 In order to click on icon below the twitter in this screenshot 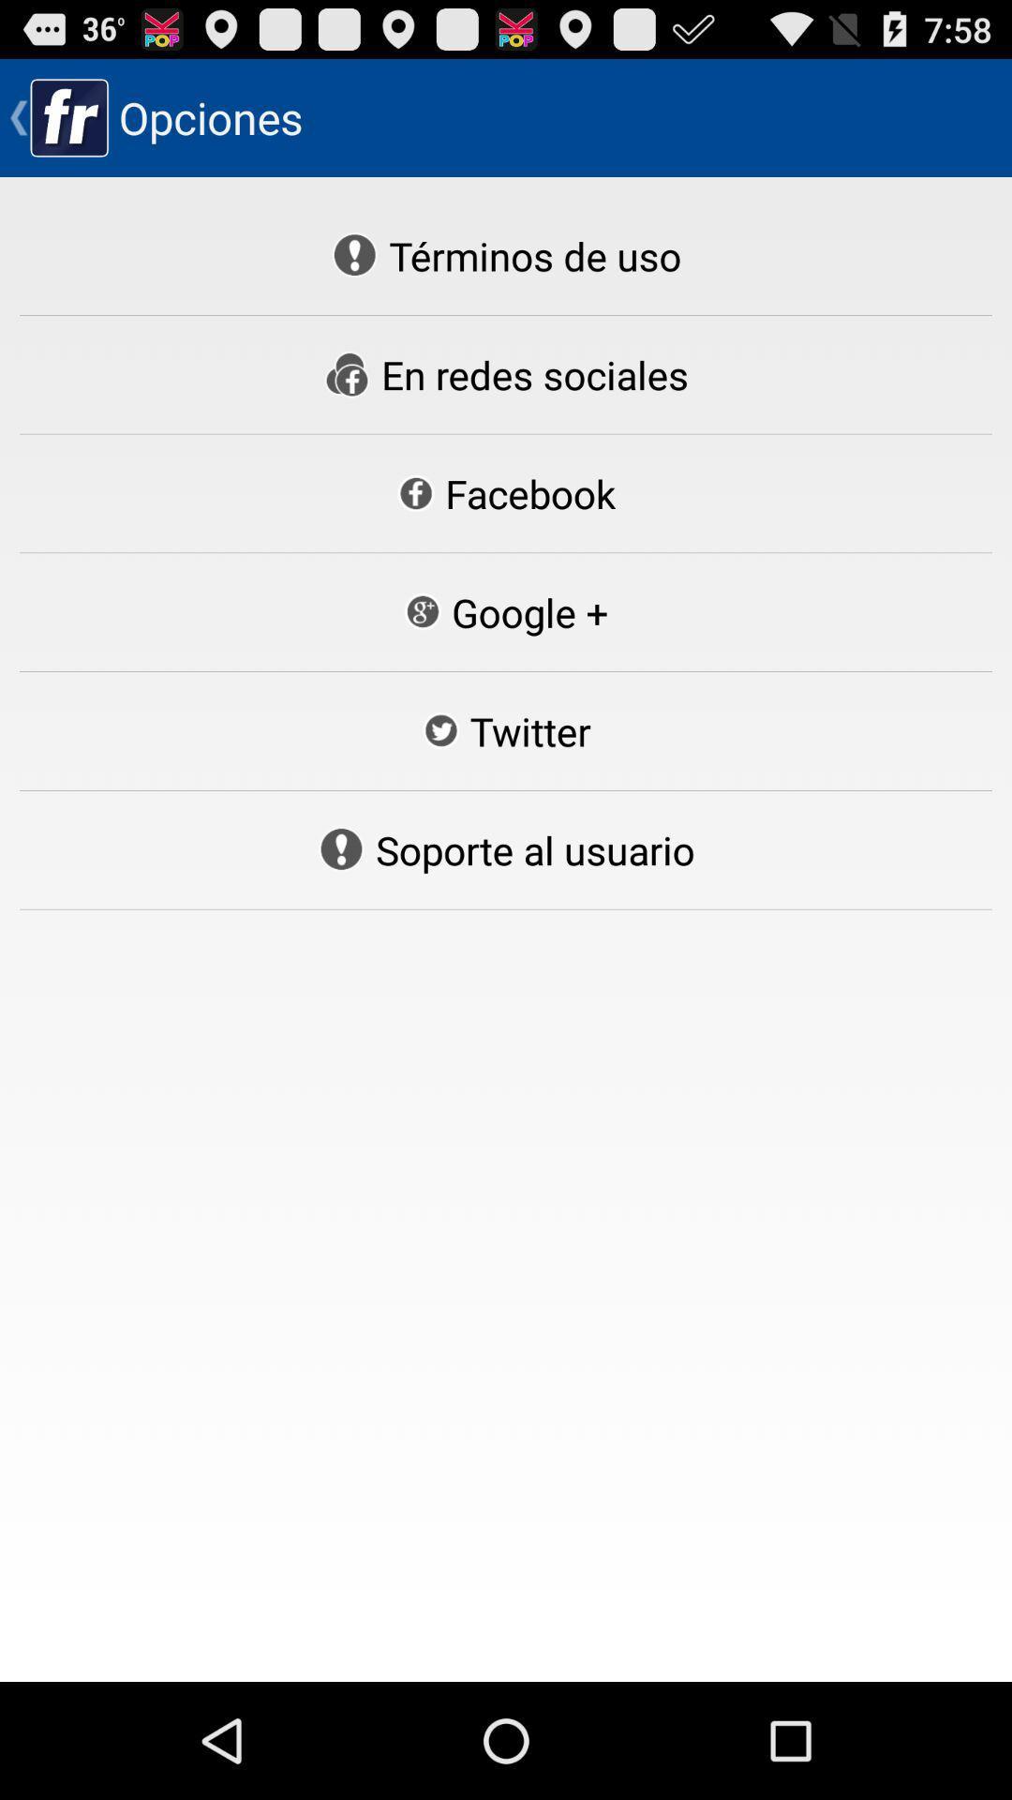, I will do `click(506, 848)`.